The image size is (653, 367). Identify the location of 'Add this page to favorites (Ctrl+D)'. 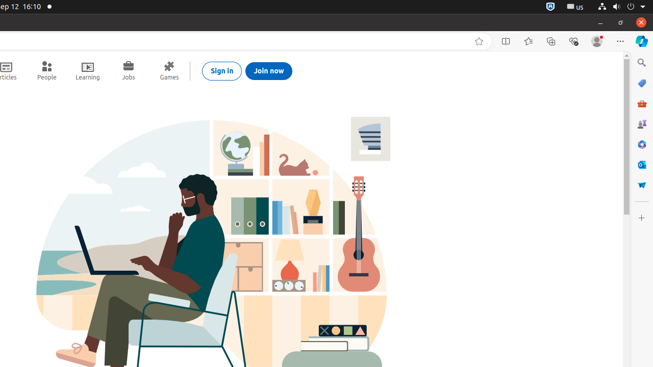
(479, 41).